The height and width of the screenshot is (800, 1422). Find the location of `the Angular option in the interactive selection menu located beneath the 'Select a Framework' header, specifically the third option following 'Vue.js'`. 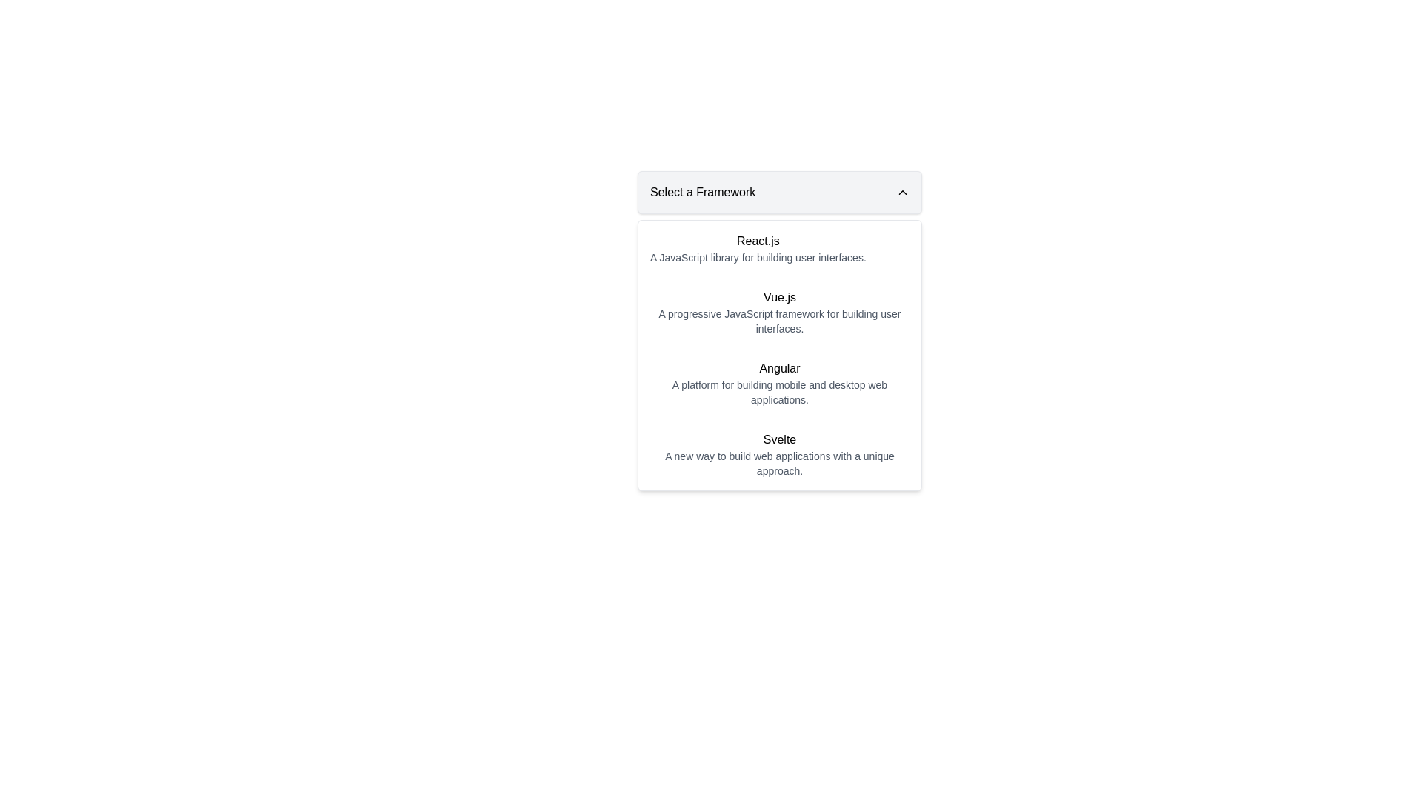

the Angular option in the interactive selection menu located beneath the 'Select a Framework' header, specifically the third option following 'Vue.js' is located at coordinates (778, 355).